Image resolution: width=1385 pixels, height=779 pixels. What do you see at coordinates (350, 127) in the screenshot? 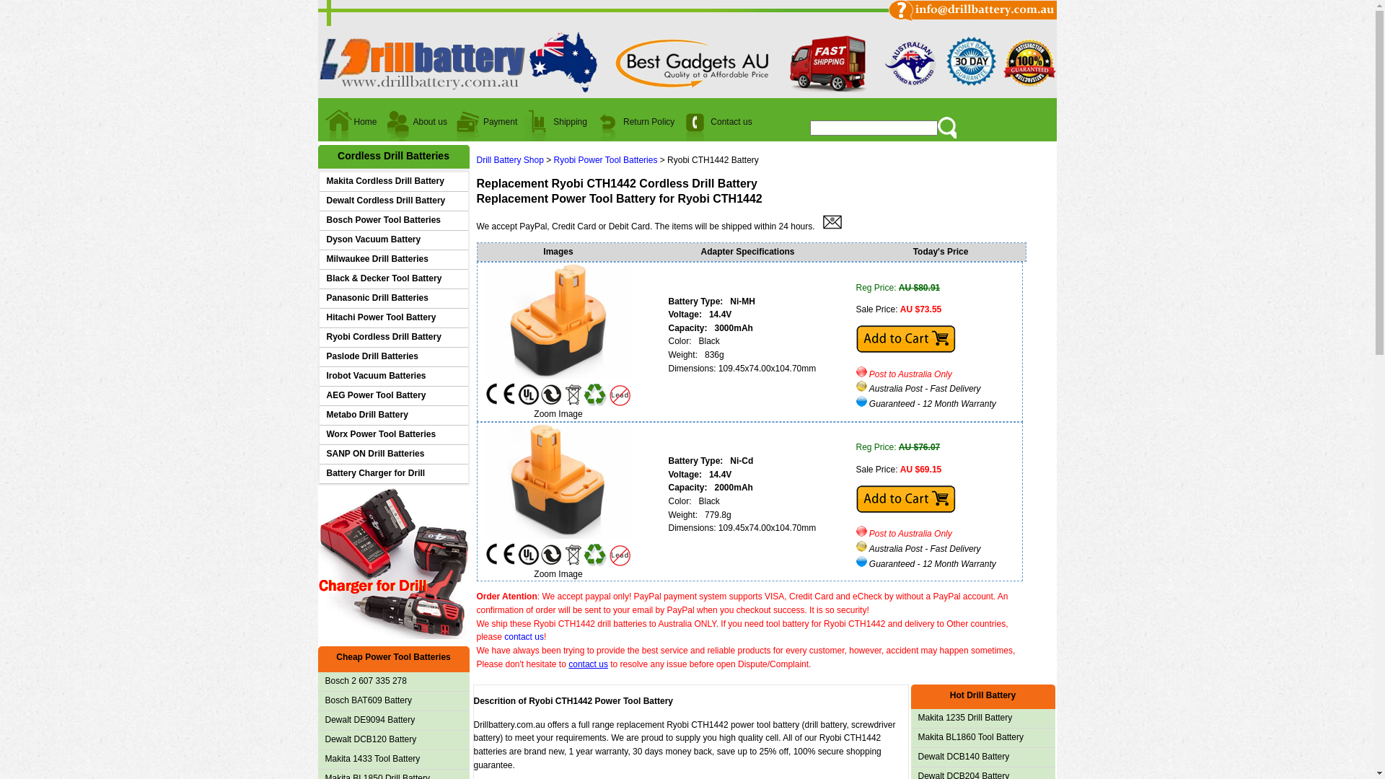
I see `'Home'` at bounding box center [350, 127].